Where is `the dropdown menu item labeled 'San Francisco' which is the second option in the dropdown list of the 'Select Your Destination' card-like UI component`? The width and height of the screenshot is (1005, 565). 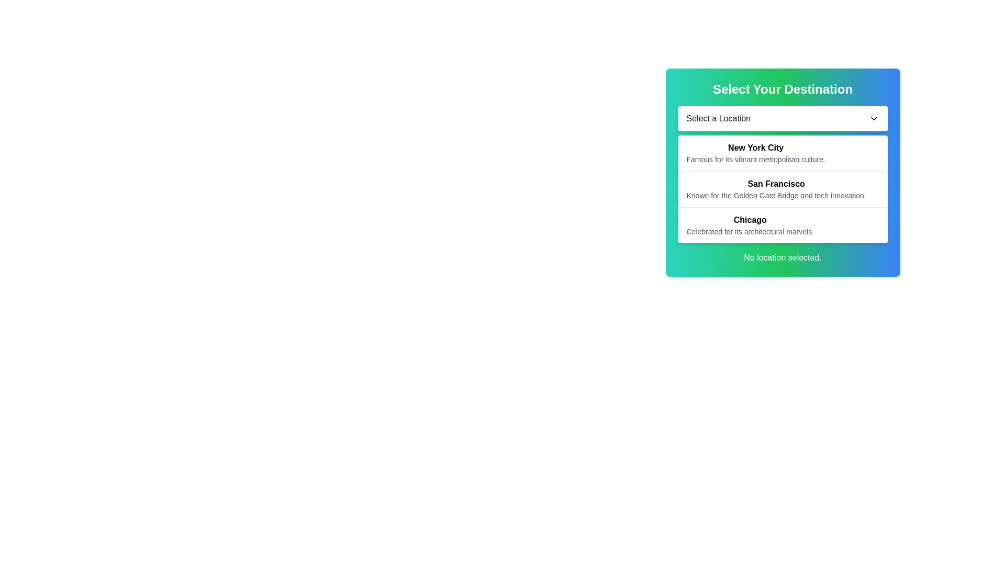 the dropdown menu item labeled 'San Francisco' which is the second option in the dropdown list of the 'Select Your Destination' card-like UI component is located at coordinates (783, 174).